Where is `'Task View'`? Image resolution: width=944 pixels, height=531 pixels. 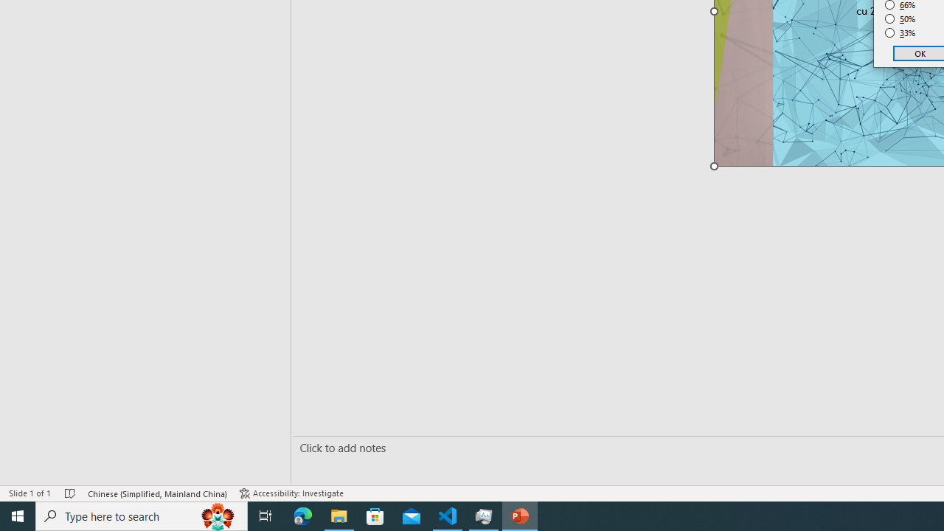 'Task View' is located at coordinates (265, 515).